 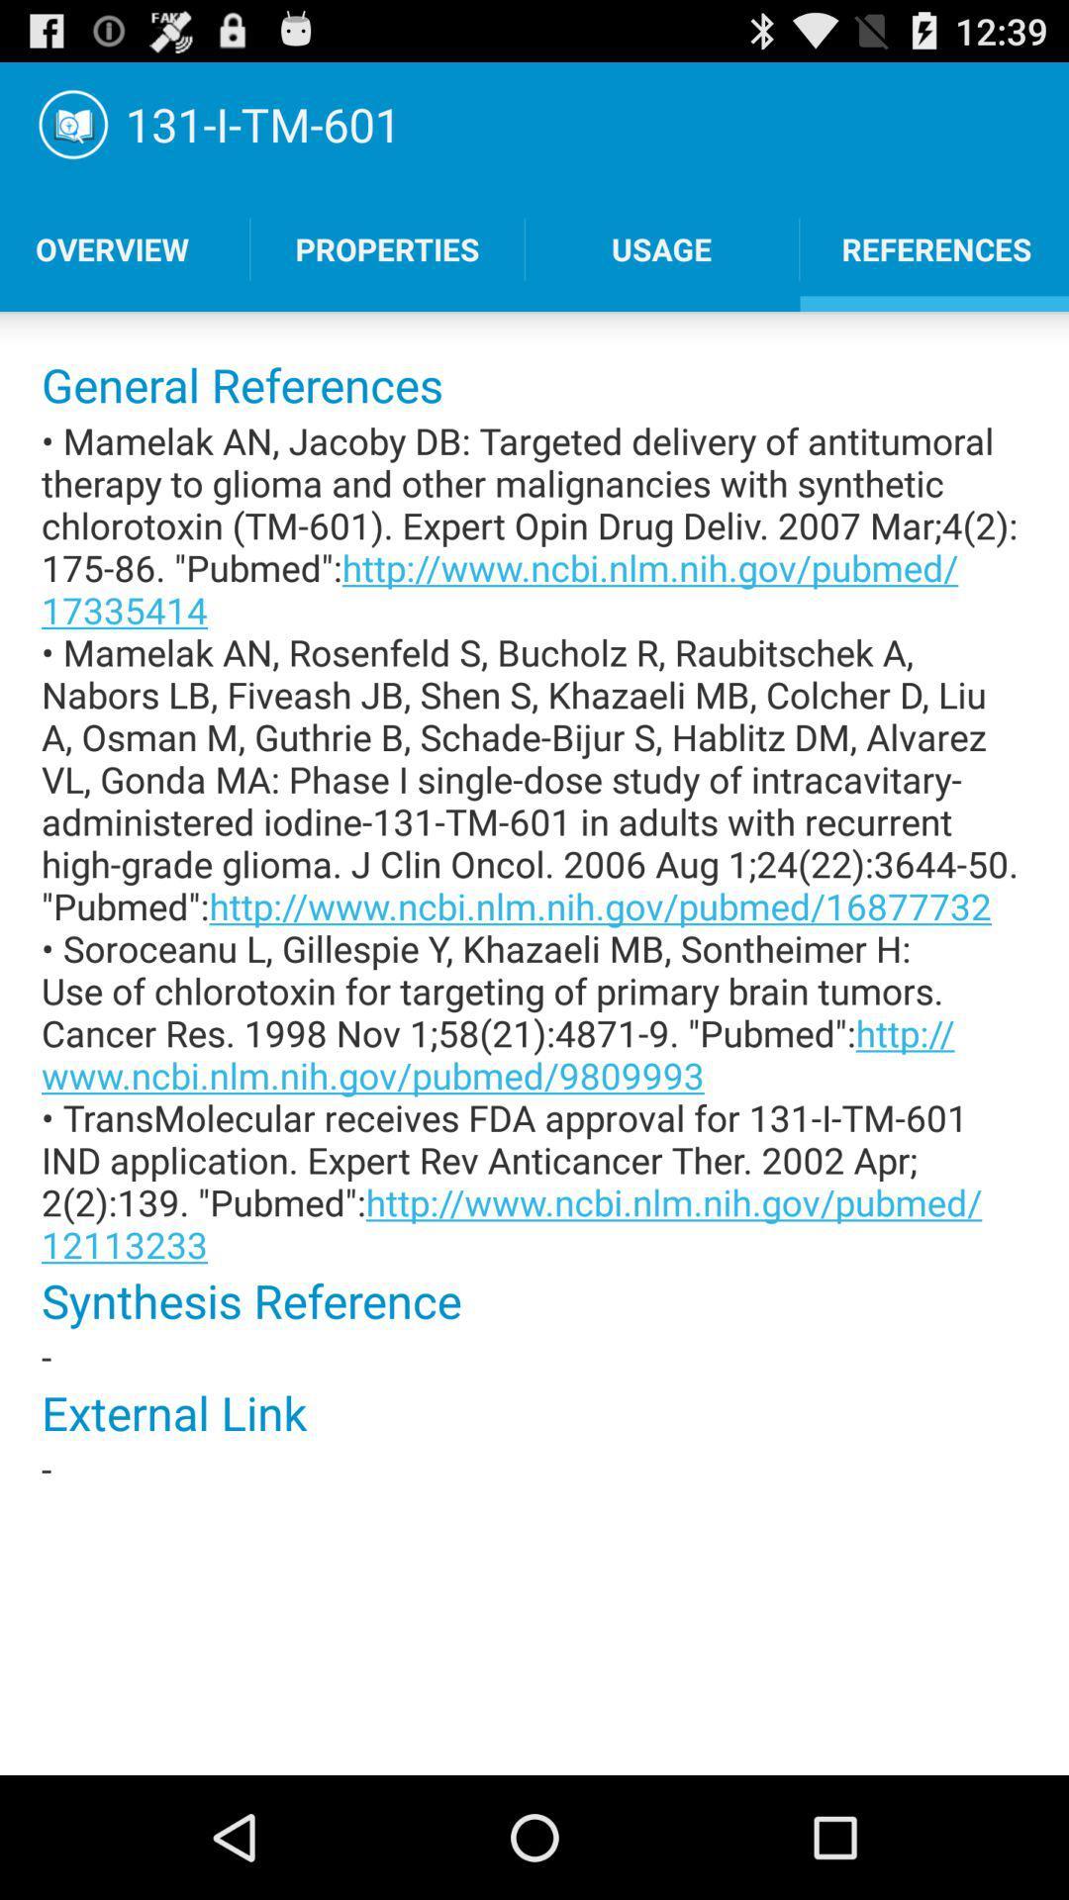 What do you see at coordinates (534, 1356) in the screenshot?
I see `the - item` at bounding box center [534, 1356].